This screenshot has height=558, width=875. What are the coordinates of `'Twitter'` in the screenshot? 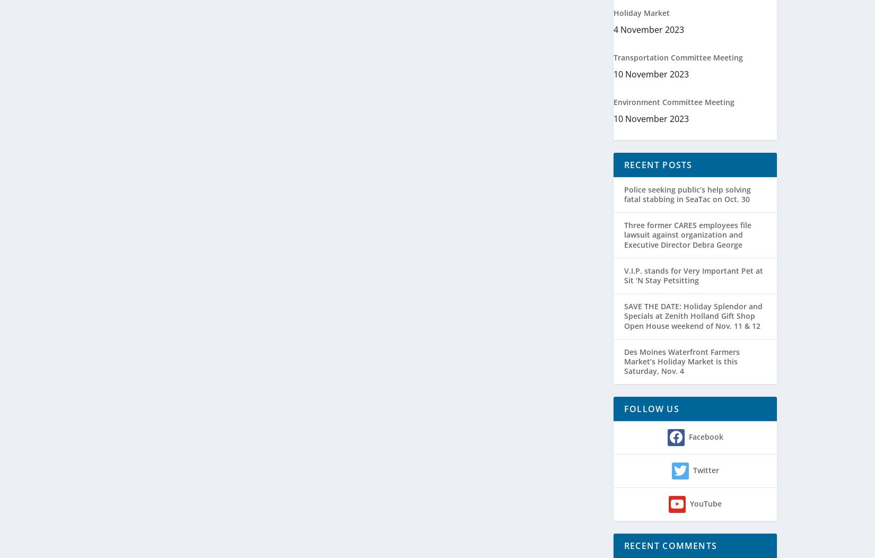 It's located at (705, 470).